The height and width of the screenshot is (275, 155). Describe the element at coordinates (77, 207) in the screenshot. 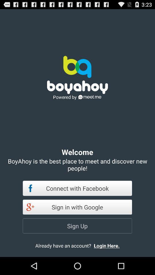

I see `sign in with item` at that location.